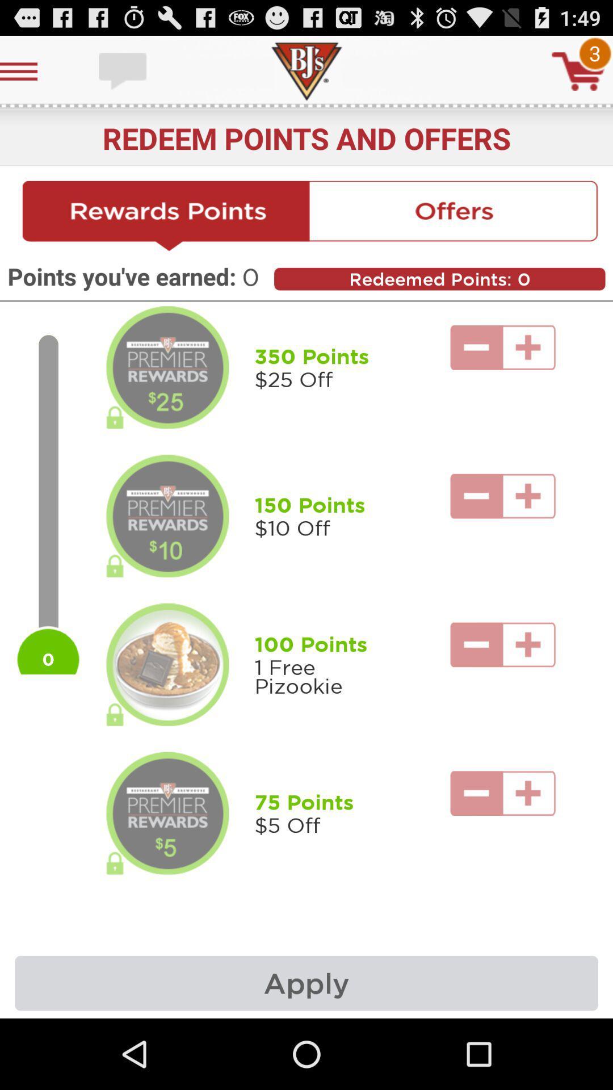  Describe the element at coordinates (167, 367) in the screenshot. I see `open details for reward` at that location.